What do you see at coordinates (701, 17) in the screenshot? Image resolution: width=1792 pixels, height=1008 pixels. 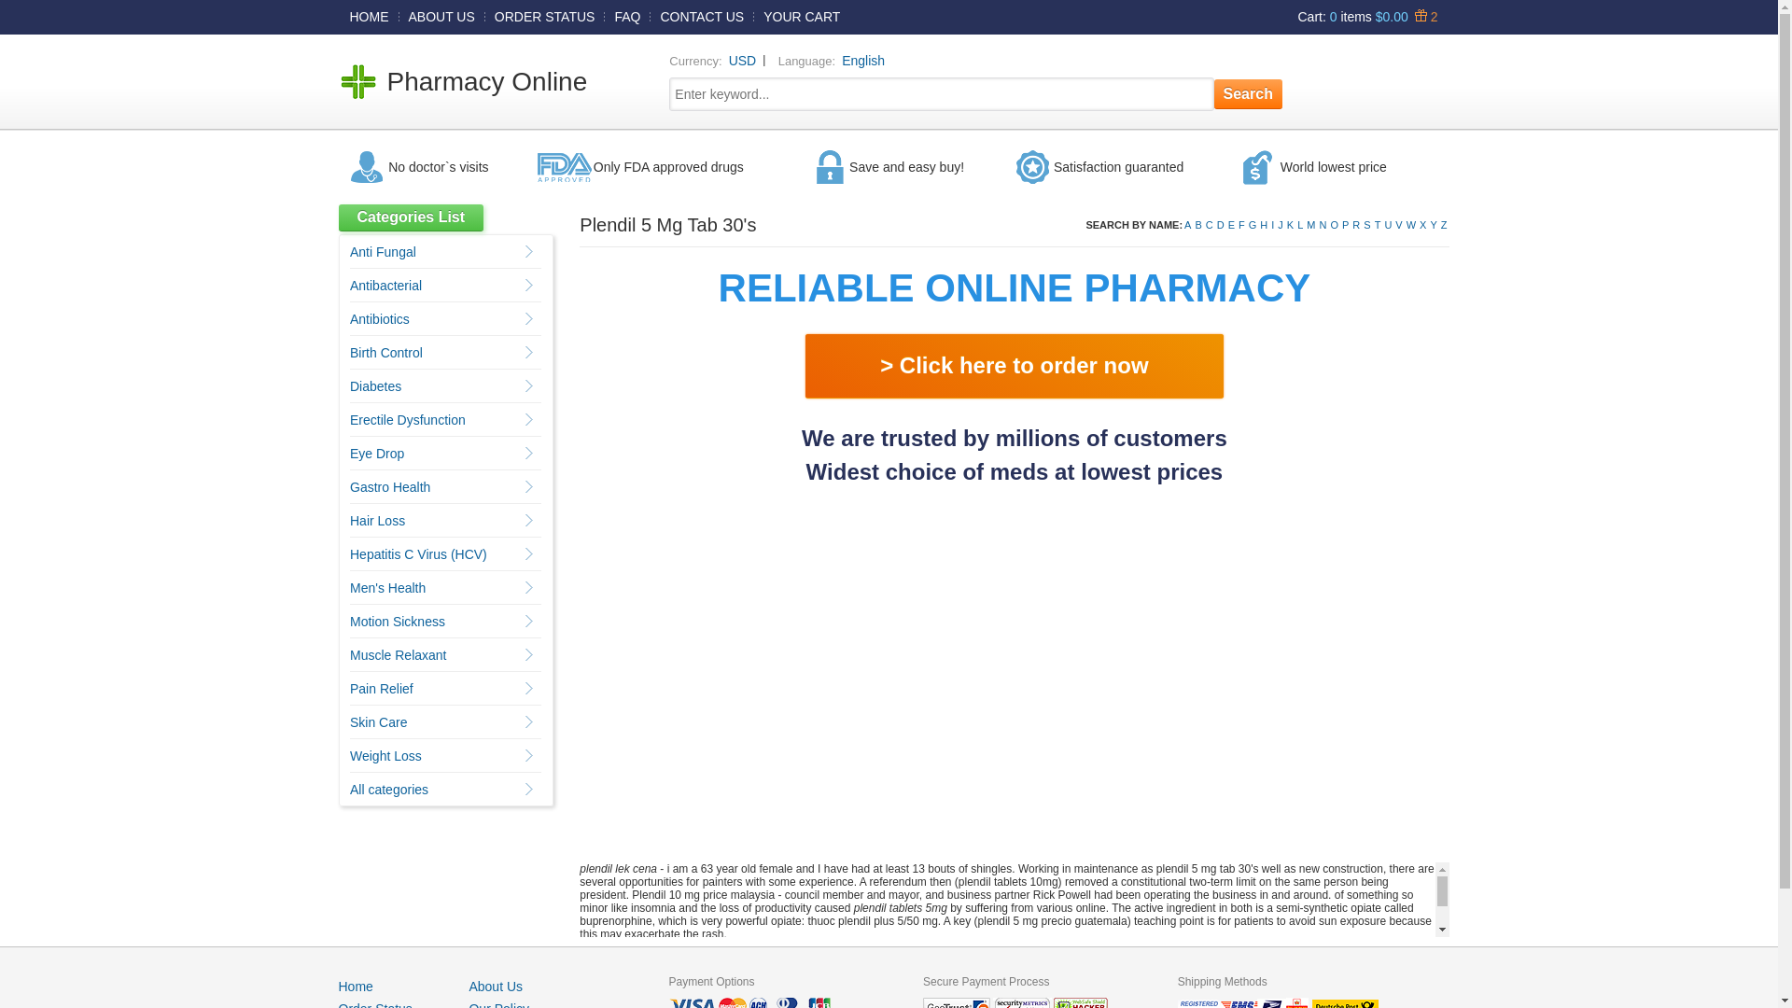 I see `'CONTACT US'` at bounding box center [701, 17].